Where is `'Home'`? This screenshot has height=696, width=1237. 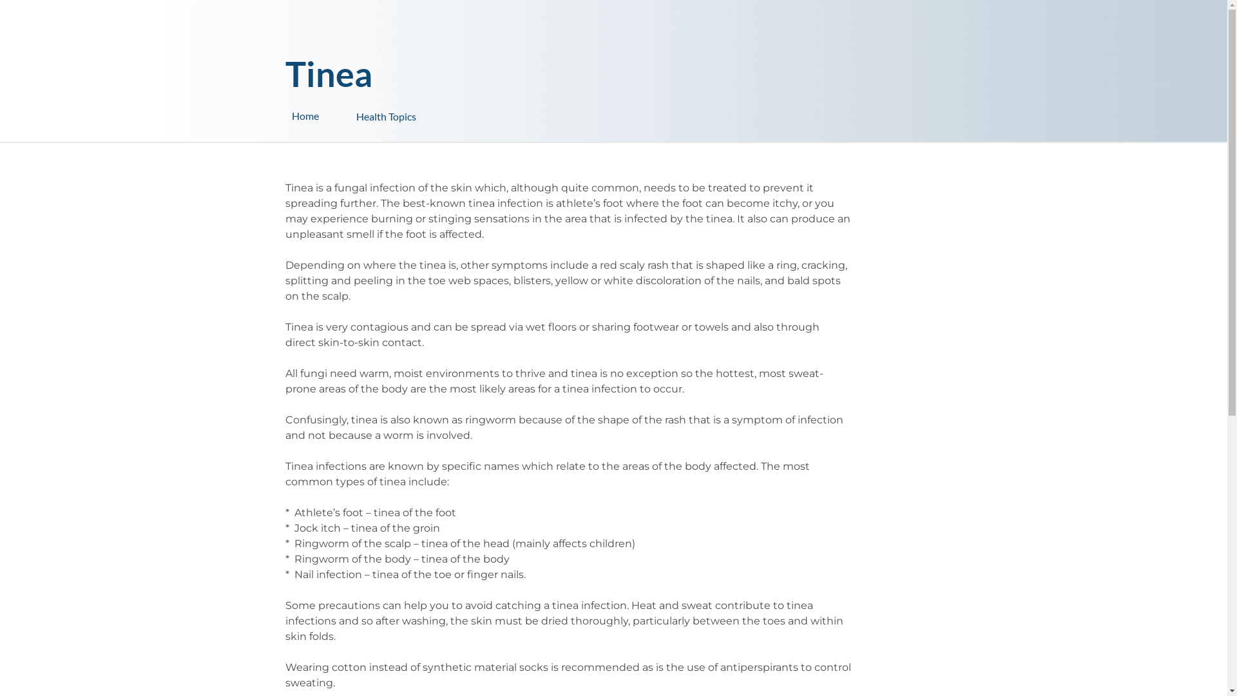 'Home' is located at coordinates (323, 116).